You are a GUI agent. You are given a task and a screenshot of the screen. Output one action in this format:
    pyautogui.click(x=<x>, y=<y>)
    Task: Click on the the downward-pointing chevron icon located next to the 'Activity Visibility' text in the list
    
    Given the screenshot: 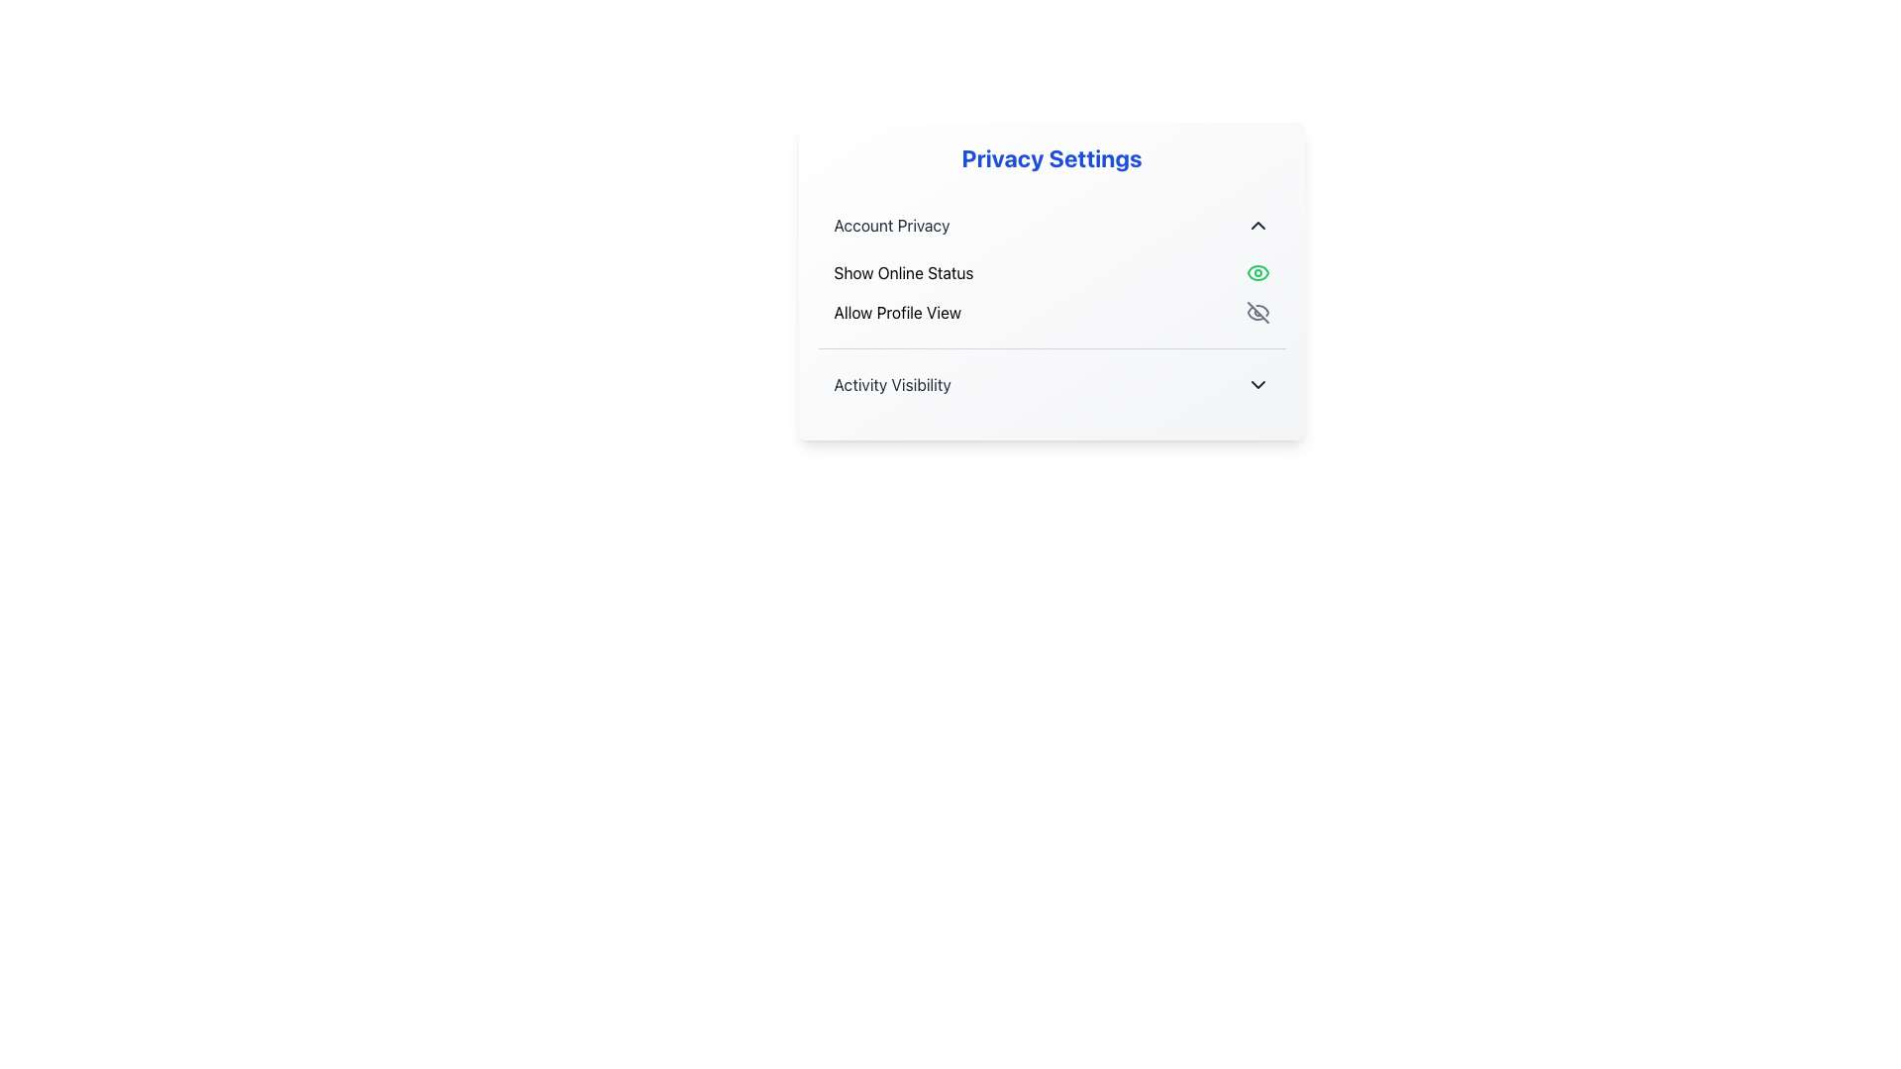 What is the action you would take?
    pyautogui.click(x=1256, y=385)
    